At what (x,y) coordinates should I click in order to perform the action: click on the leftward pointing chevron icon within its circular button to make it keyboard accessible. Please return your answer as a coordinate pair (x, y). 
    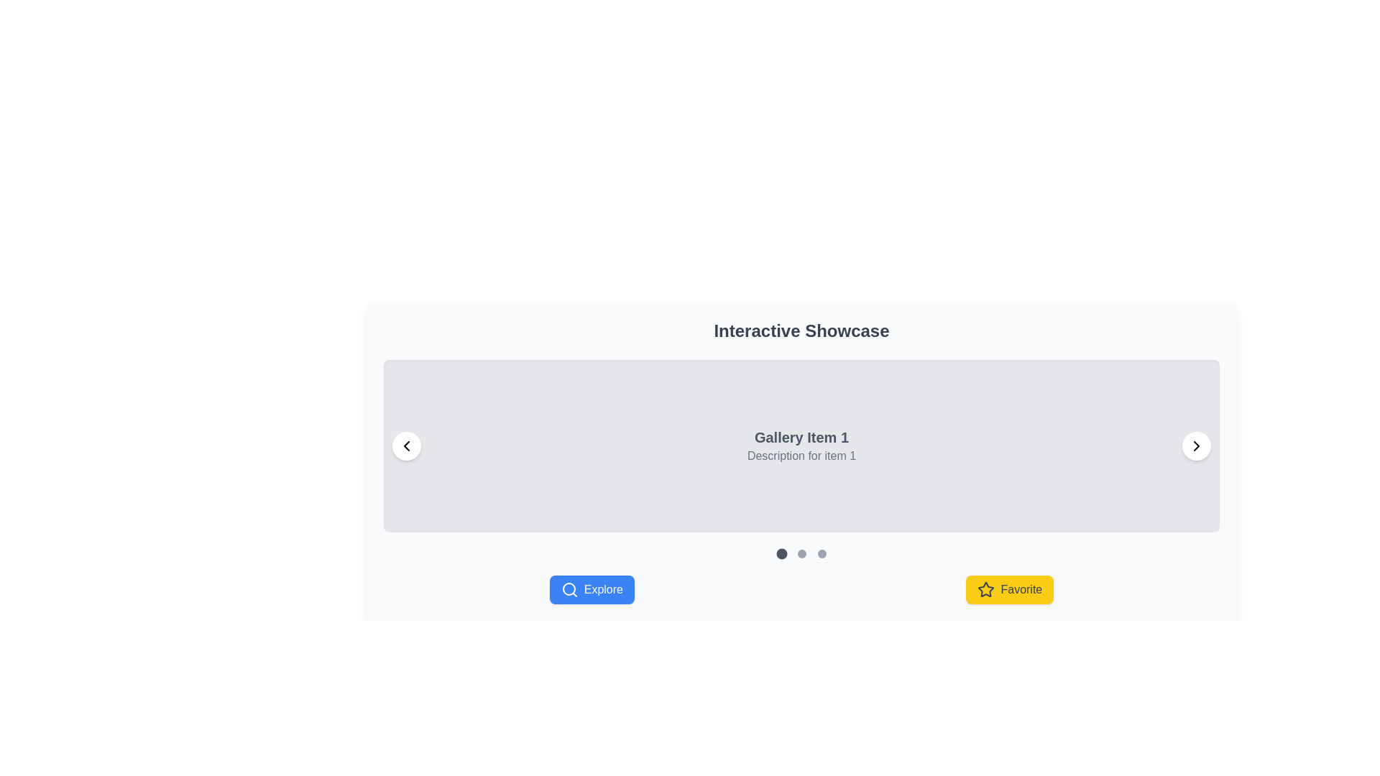
    Looking at the image, I should click on (406, 445).